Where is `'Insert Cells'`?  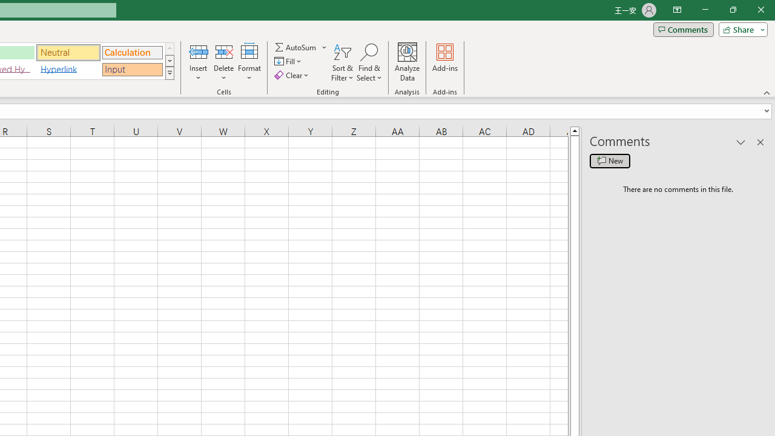 'Insert Cells' is located at coordinates (199, 51).